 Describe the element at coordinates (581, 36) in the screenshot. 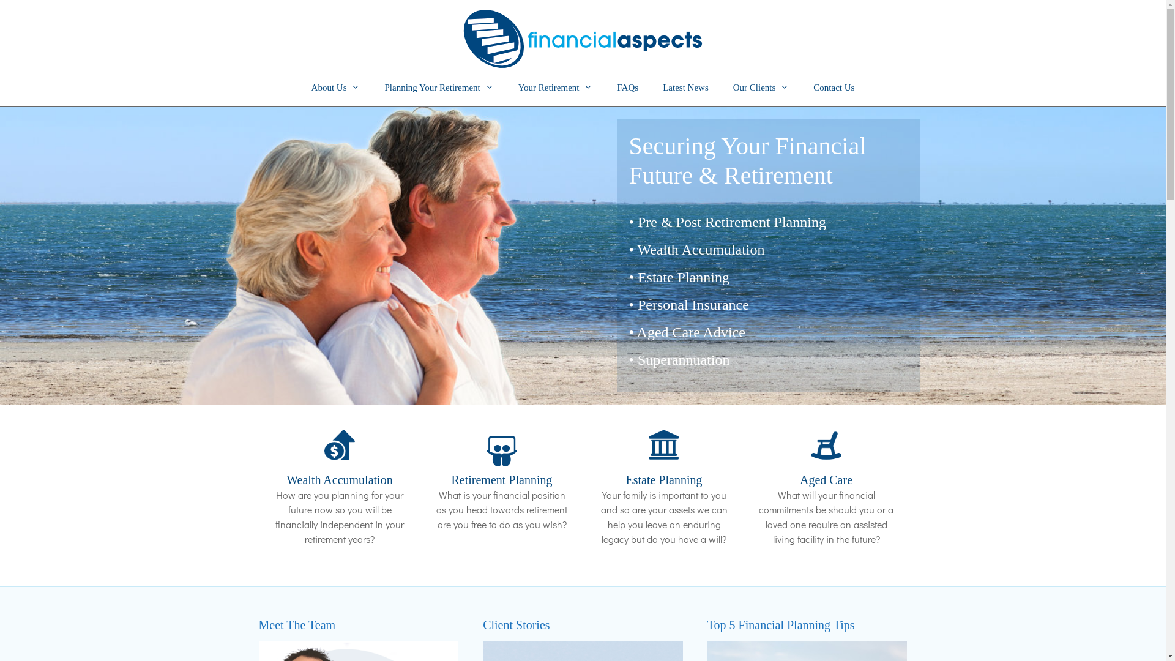

I see `'Financial Aspects'` at that location.